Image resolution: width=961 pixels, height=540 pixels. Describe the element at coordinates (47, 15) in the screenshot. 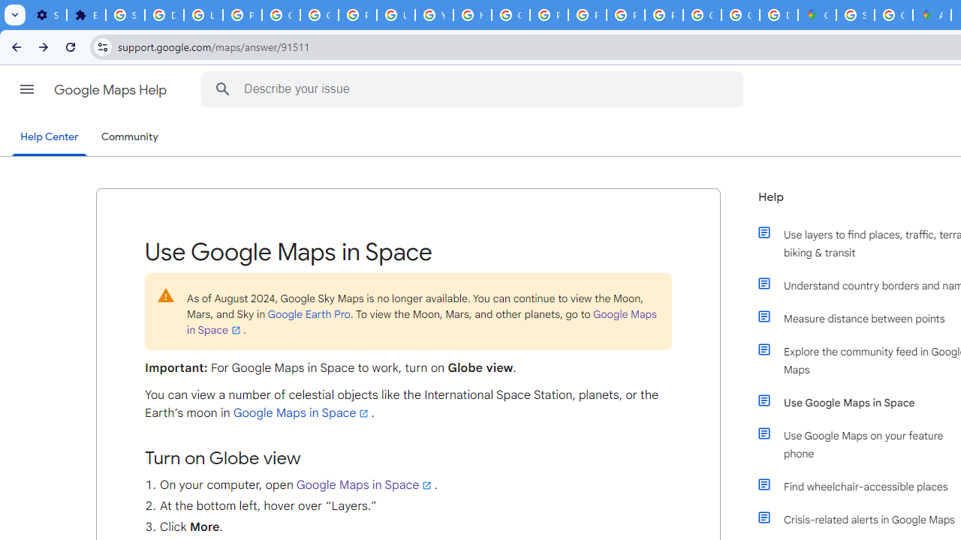

I see `'Settings - On startup'` at that location.